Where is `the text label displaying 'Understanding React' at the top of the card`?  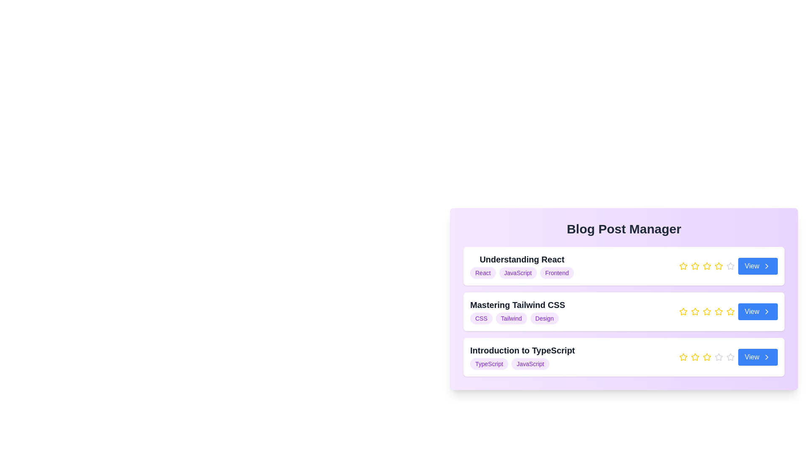
the text label displaying 'Understanding React' at the top of the card is located at coordinates (521, 259).